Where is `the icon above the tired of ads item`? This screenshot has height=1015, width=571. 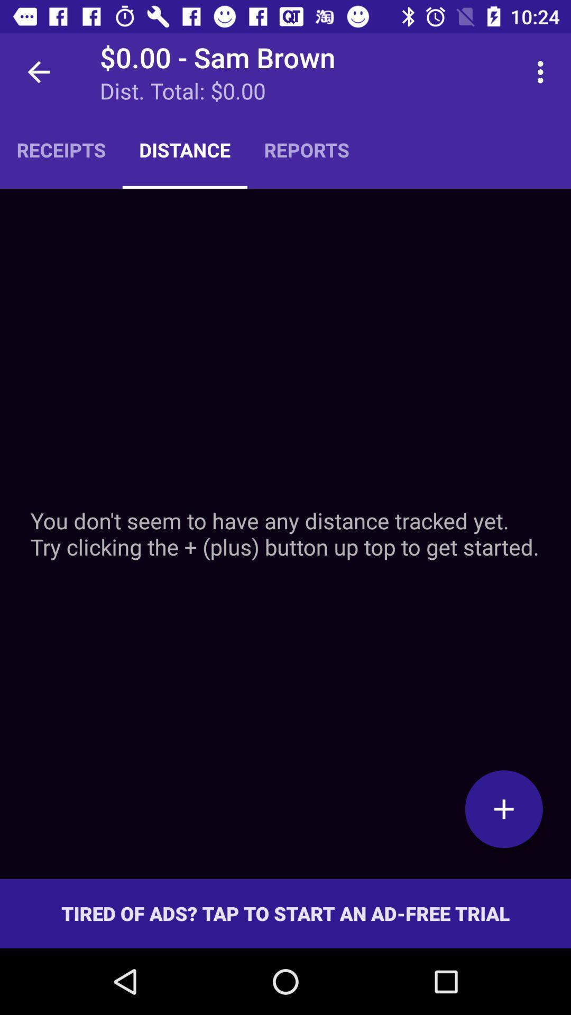
the icon above the tired of ads item is located at coordinates (503, 808).